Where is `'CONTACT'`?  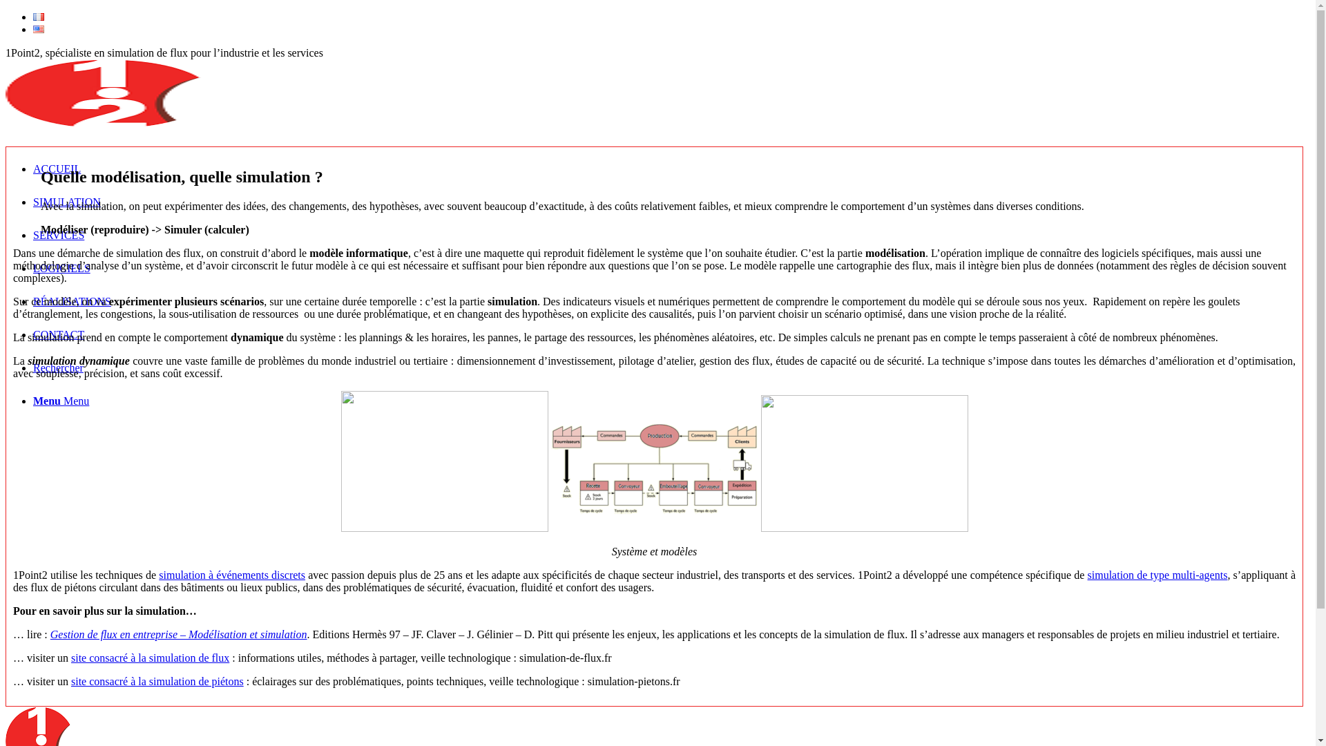 'CONTACT' is located at coordinates (58, 334).